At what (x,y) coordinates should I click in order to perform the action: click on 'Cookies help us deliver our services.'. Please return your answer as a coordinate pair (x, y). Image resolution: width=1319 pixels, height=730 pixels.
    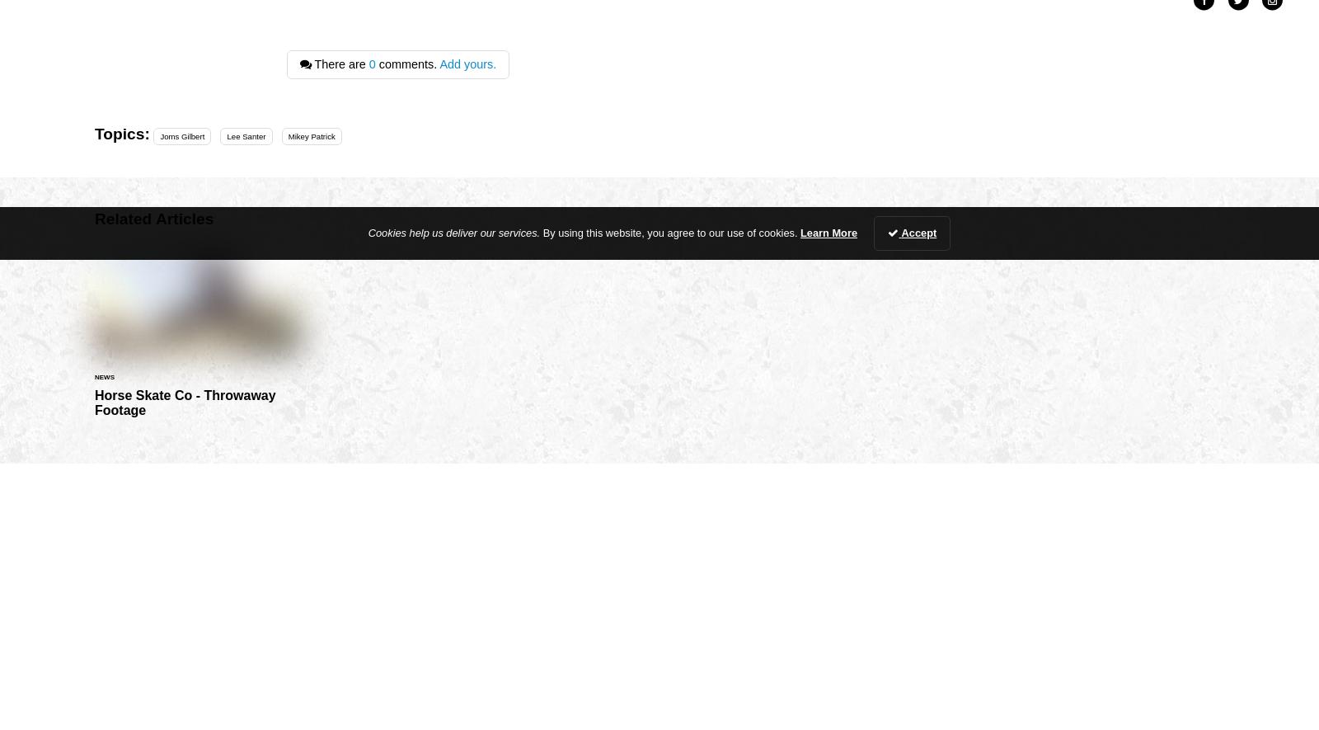
    Looking at the image, I should click on (453, 232).